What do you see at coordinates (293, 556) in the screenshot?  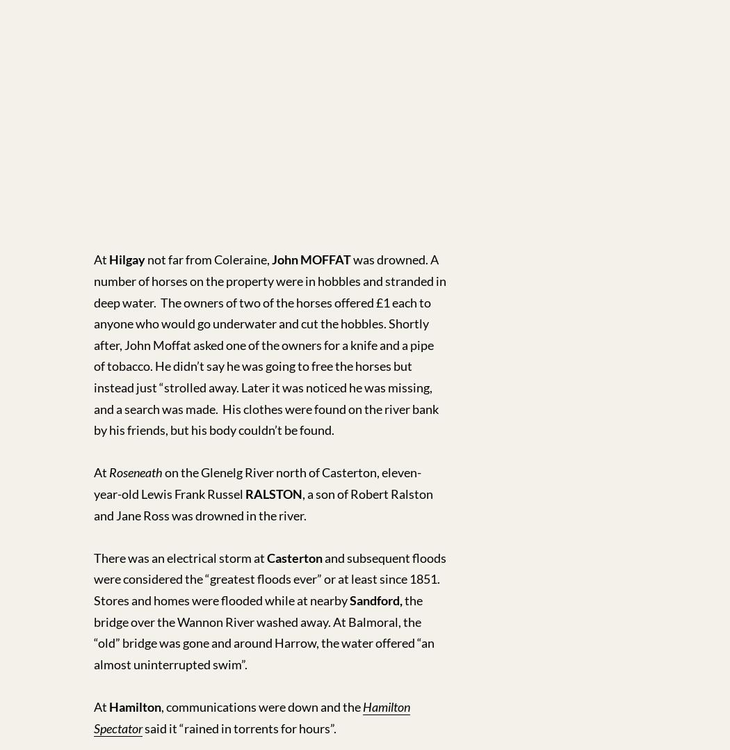 I see `'Casterton'` at bounding box center [293, 556].